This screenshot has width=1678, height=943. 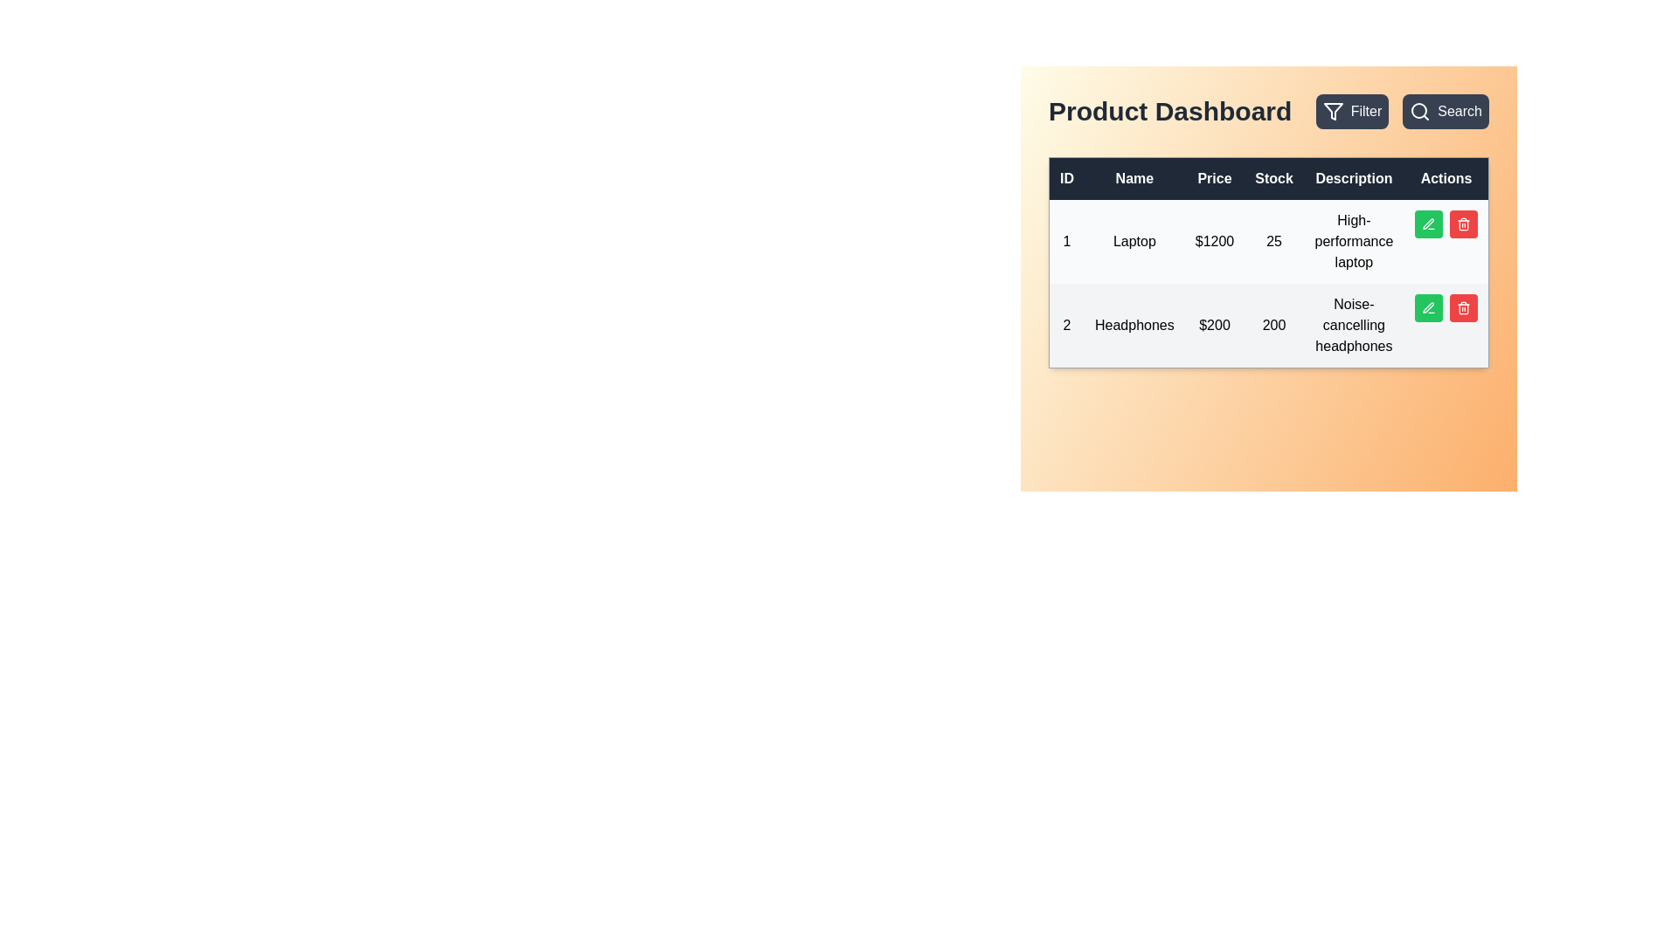 What do you see at coordinates (1332, 111) in the screenshot?
I see `the filter icon, which is a white funnel located within a rounded rectangular button labeled 'Filter' in the top-right section of the interface` at bounding box center [1332, 111].